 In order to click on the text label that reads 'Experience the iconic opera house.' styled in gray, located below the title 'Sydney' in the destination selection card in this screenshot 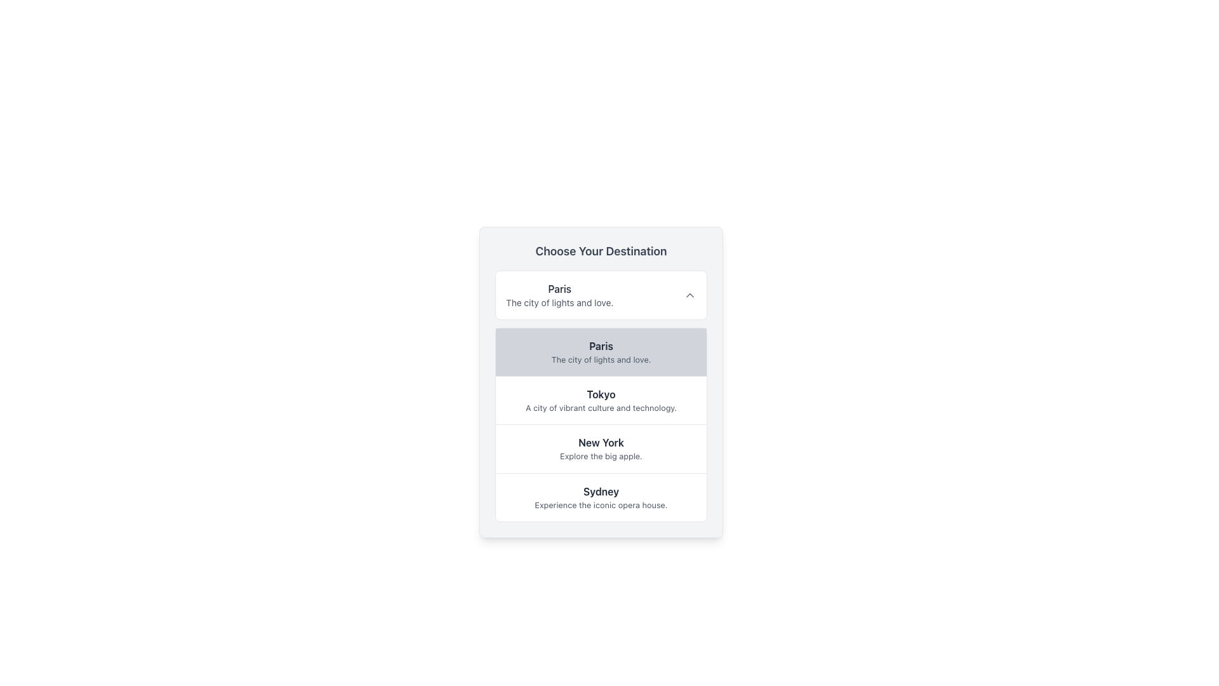, I will do `click(600, 504)`.